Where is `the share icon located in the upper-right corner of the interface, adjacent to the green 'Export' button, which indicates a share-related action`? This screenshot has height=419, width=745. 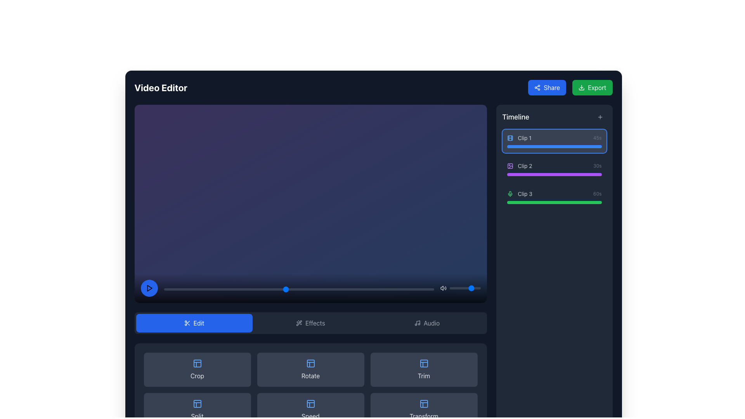
the share icon located in the upper-right corner of the interface, adjacent to the green 'Export' button, which indicates a share-related action is located at coordinates (537, 87).